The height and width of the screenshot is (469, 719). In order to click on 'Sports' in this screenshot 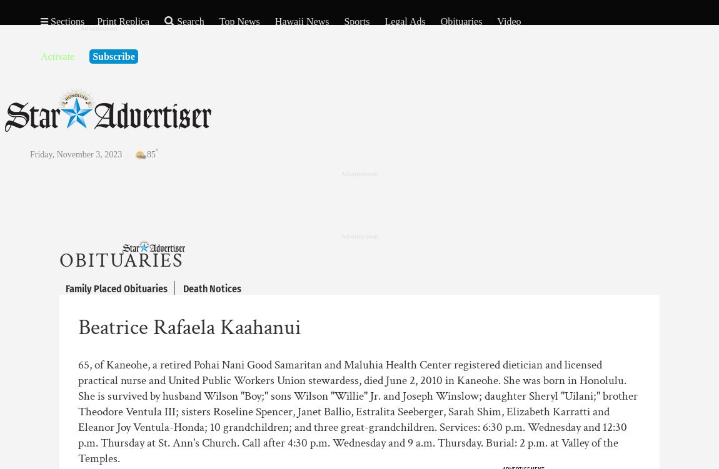, I will do `click(344, 21)`.